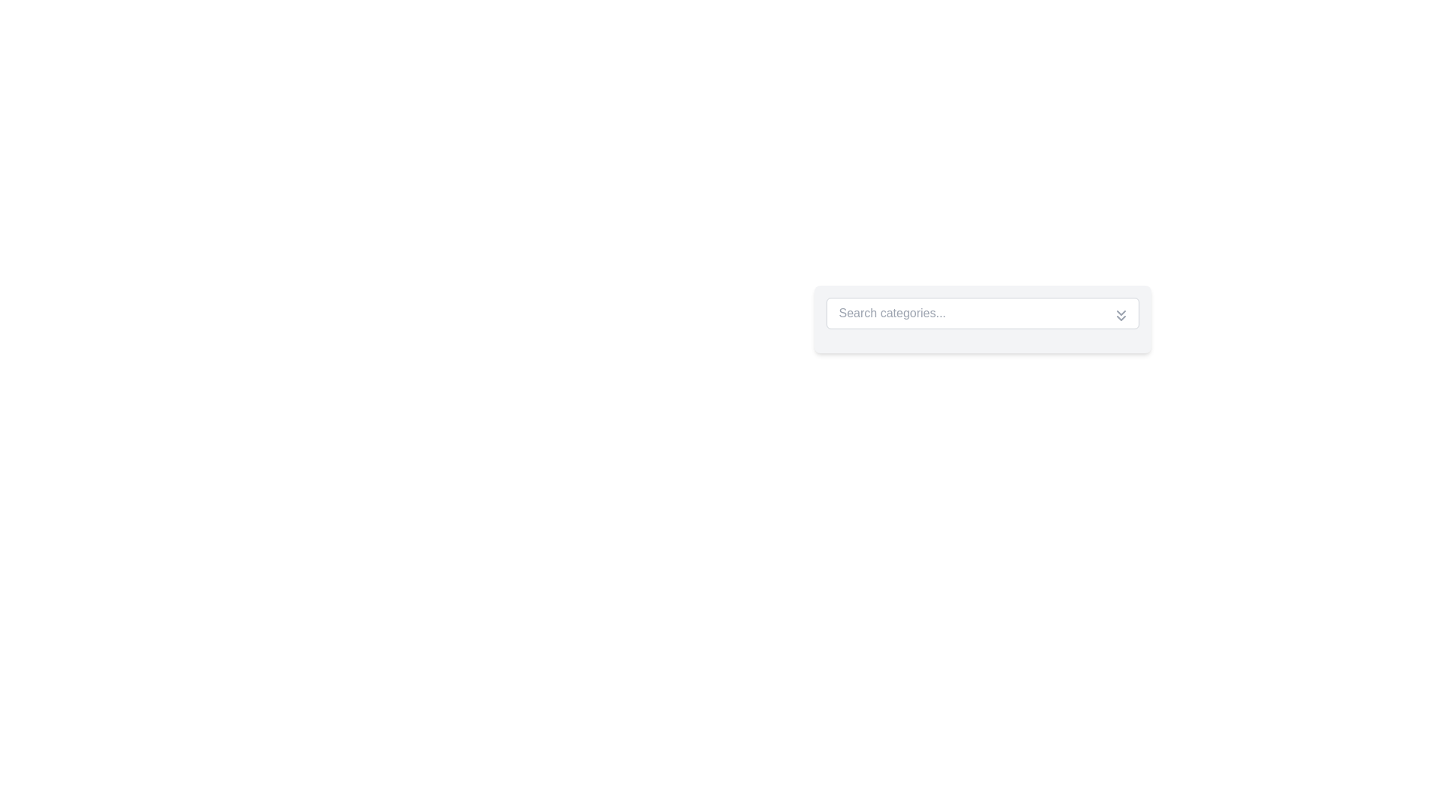 This screenshot has width=1444, height=812. Describe the element at coordinates (1121, 315) in the screenshot. I see `the dropdown indicator SVG Icon located at the top-right corner of the search input field labeled 'Search categories...'` at that location.